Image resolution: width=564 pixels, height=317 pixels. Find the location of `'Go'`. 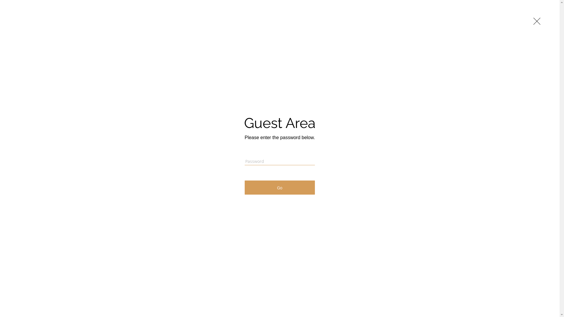

'Go' is located at coordinates (279, 188).